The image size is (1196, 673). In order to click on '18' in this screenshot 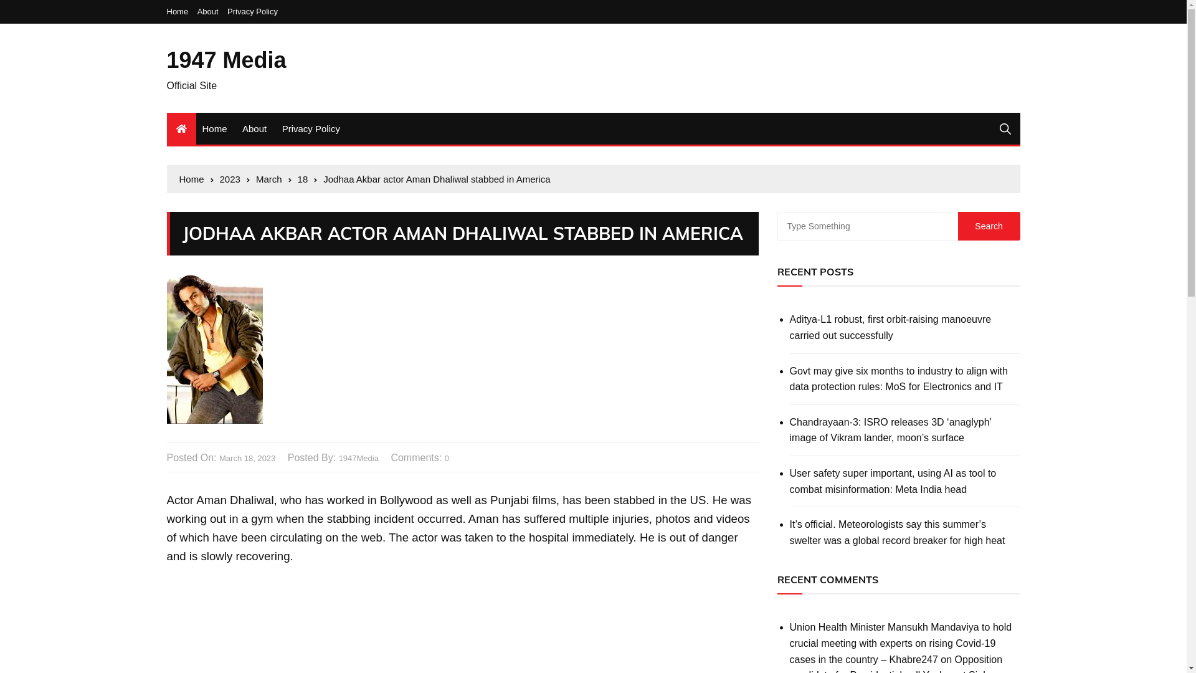, I will do `click(308, 179)`.